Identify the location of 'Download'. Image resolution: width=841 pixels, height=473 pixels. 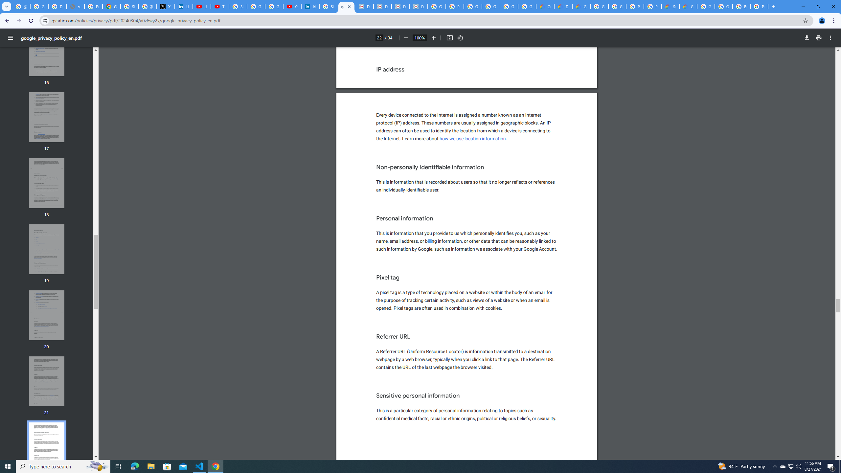
(807, 37).